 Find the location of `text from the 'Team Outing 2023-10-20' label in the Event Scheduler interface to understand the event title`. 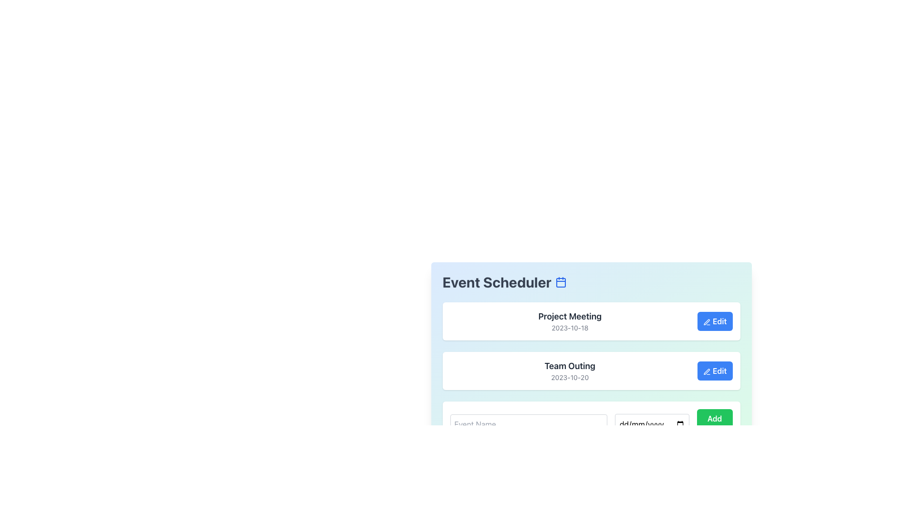

text from the 'Team Outing 2023-10-20' label in the Event Scheduler interface to understand the event title is located at coordinates (570, 365).